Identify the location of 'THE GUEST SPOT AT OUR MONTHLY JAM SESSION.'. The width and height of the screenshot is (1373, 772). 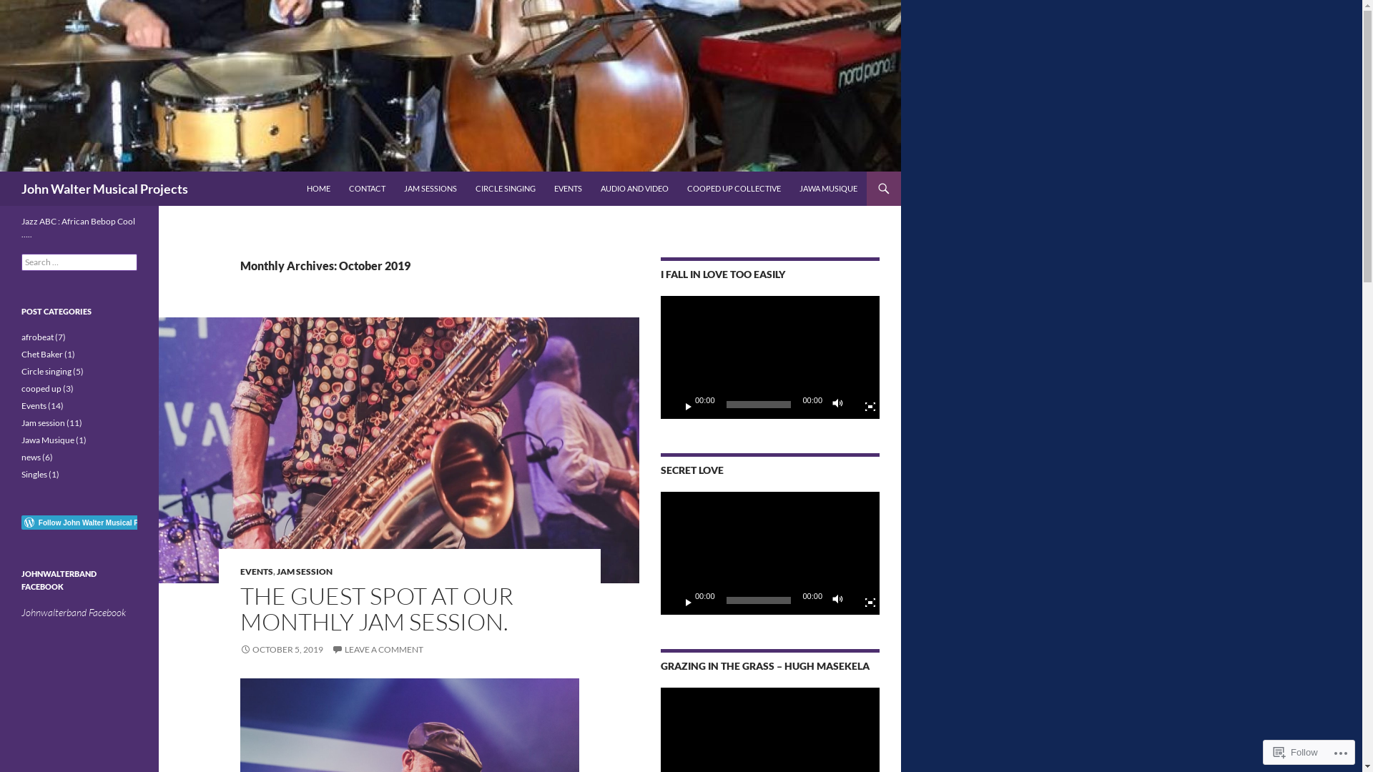
(240, 608).